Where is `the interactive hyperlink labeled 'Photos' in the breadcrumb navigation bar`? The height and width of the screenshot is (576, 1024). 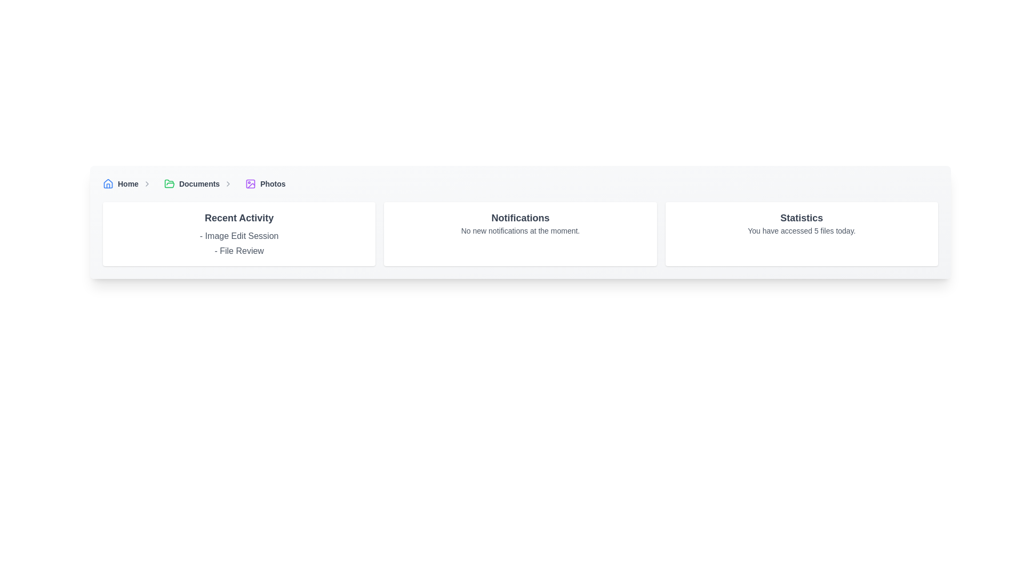 the interactive hyperlink labeled 'Photos' in the breadcrumb navigation bar is located at coordinates (265, 183).